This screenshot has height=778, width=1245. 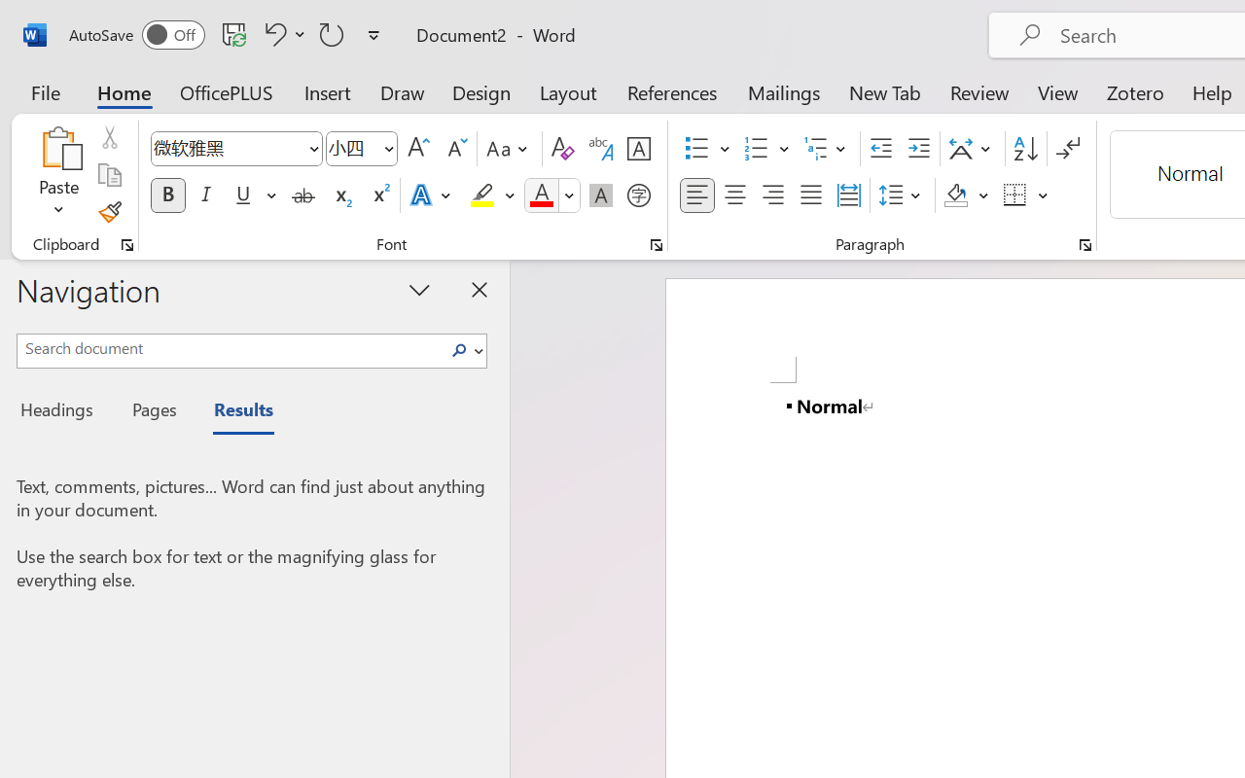 What do you see at coordinates (561, 149) in the screenshot?
I see `'Clear Formatting'` at bounding box center [561, 149].